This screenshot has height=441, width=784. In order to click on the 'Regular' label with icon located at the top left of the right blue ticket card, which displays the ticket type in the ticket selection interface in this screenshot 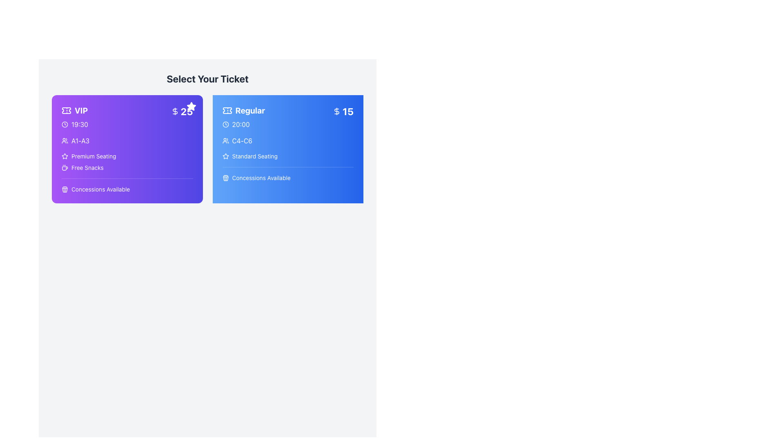, I will do `click(243, 117)`.